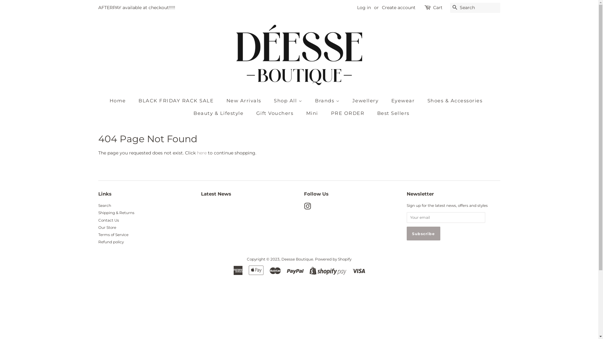  I want to click on 'Refund policy', so click(111, 241).